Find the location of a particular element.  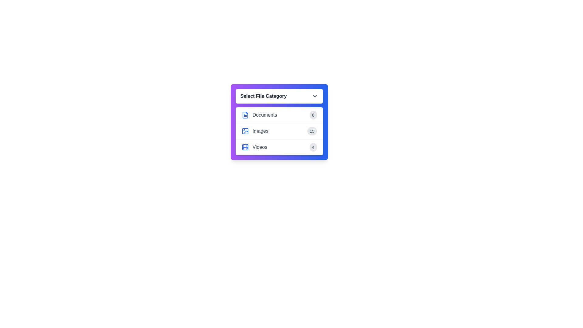

the 'Images' category list item in the dropdown menu is located at coordinates (279, 131).